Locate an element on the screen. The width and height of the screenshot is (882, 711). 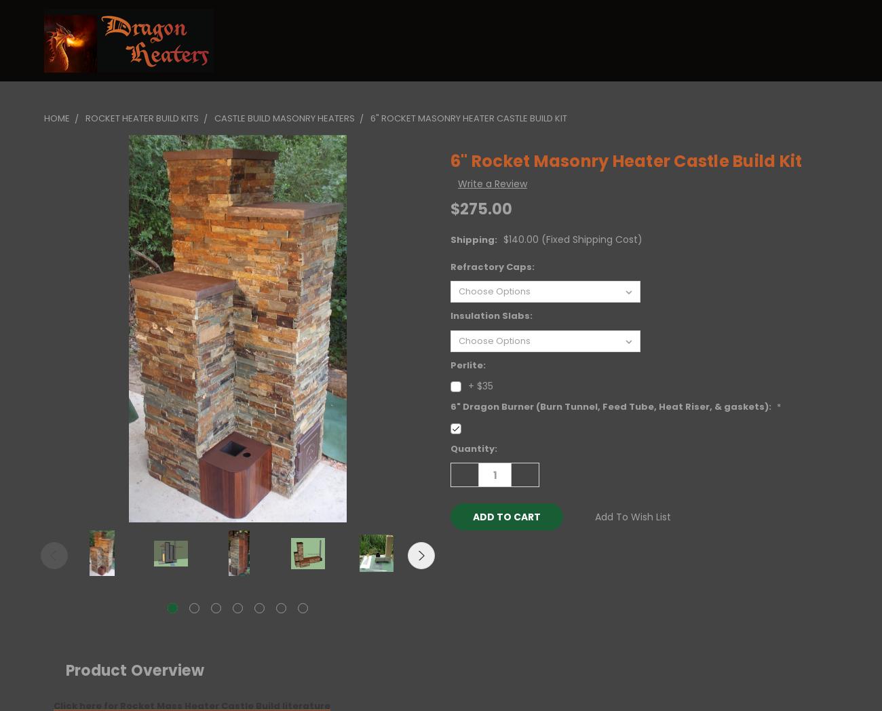
'You will need an ash clean out door. Once a season or so you may want to clean out any accumlated ash. The a large ash cleanout door can be located either at the base of the 2nd tower like the one shown in the pictures below on the left. This option allows for a larger clean out door either 8"x12" or even a 12"x12". The one shown in the picture is a 12"x12".' is located at coordinates (441, 328).